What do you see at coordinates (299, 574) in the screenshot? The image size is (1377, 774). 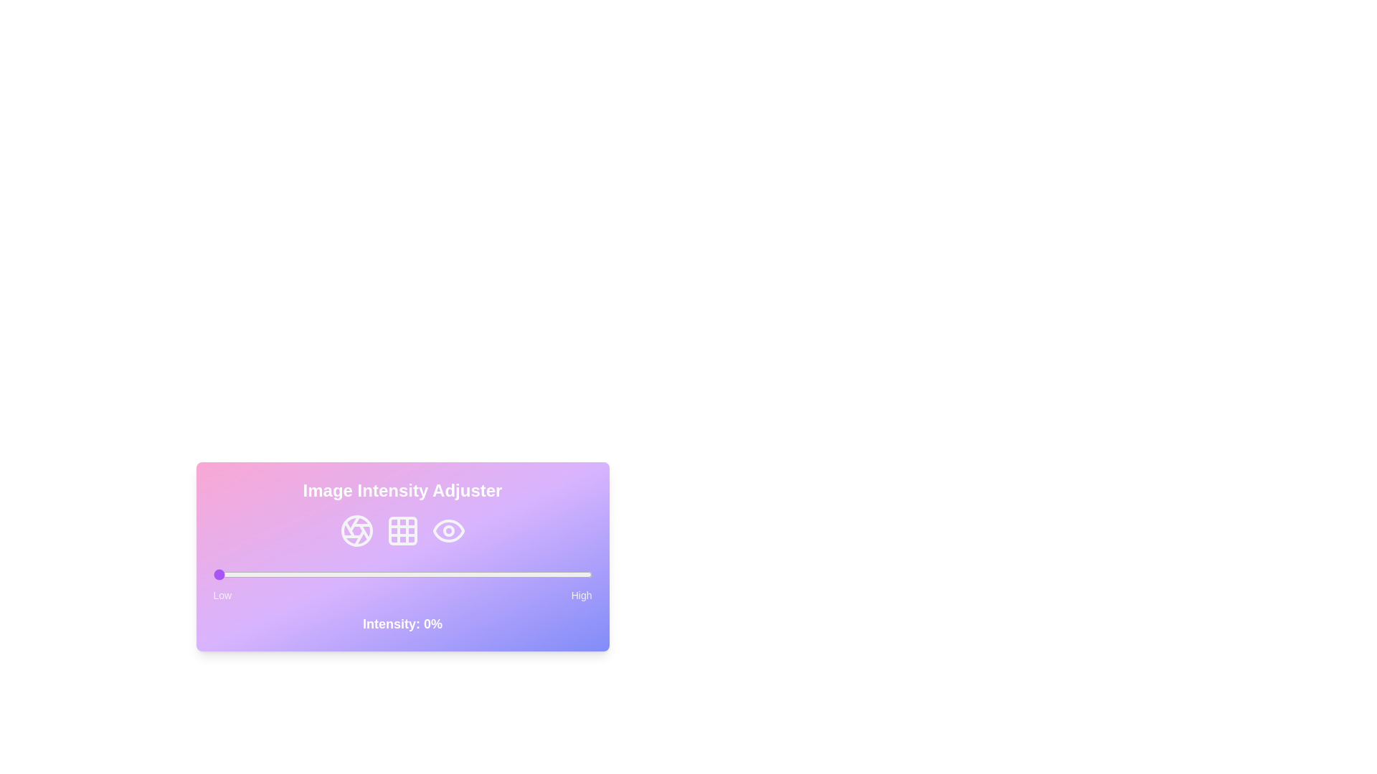 I see `the intensity slider to set the intensity to 23%` at bounding box center [299, 574].